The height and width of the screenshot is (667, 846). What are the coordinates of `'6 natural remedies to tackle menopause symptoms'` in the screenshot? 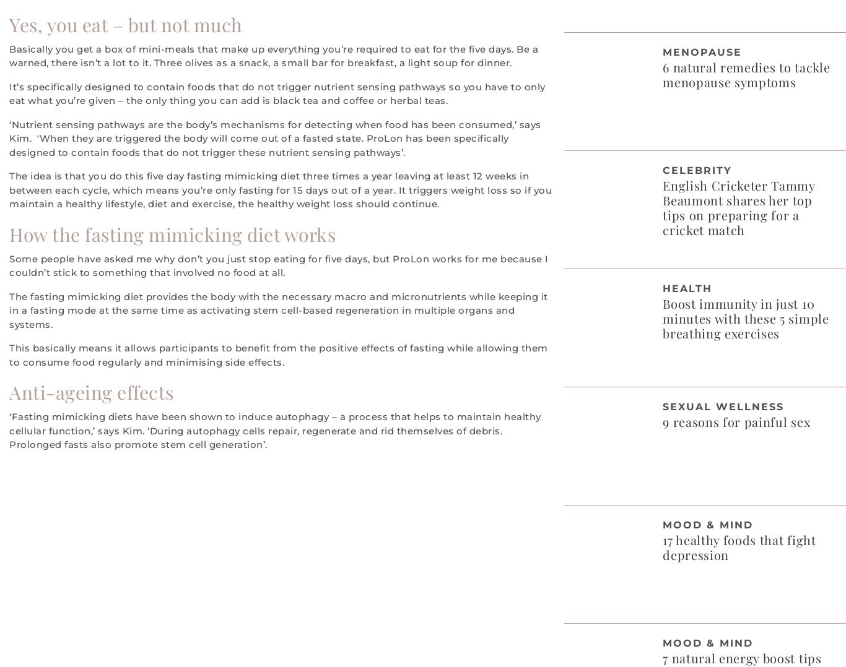 It's located at (746, 74).